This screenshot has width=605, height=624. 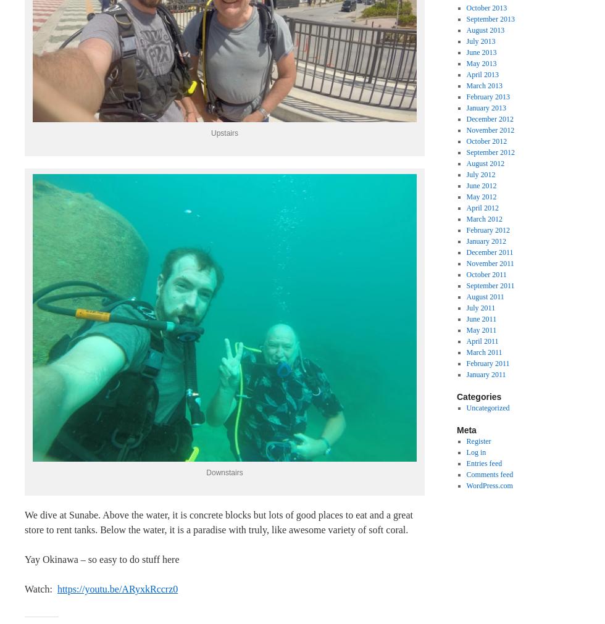 I want to click on 'December 2012', so click(x=465, y=118).